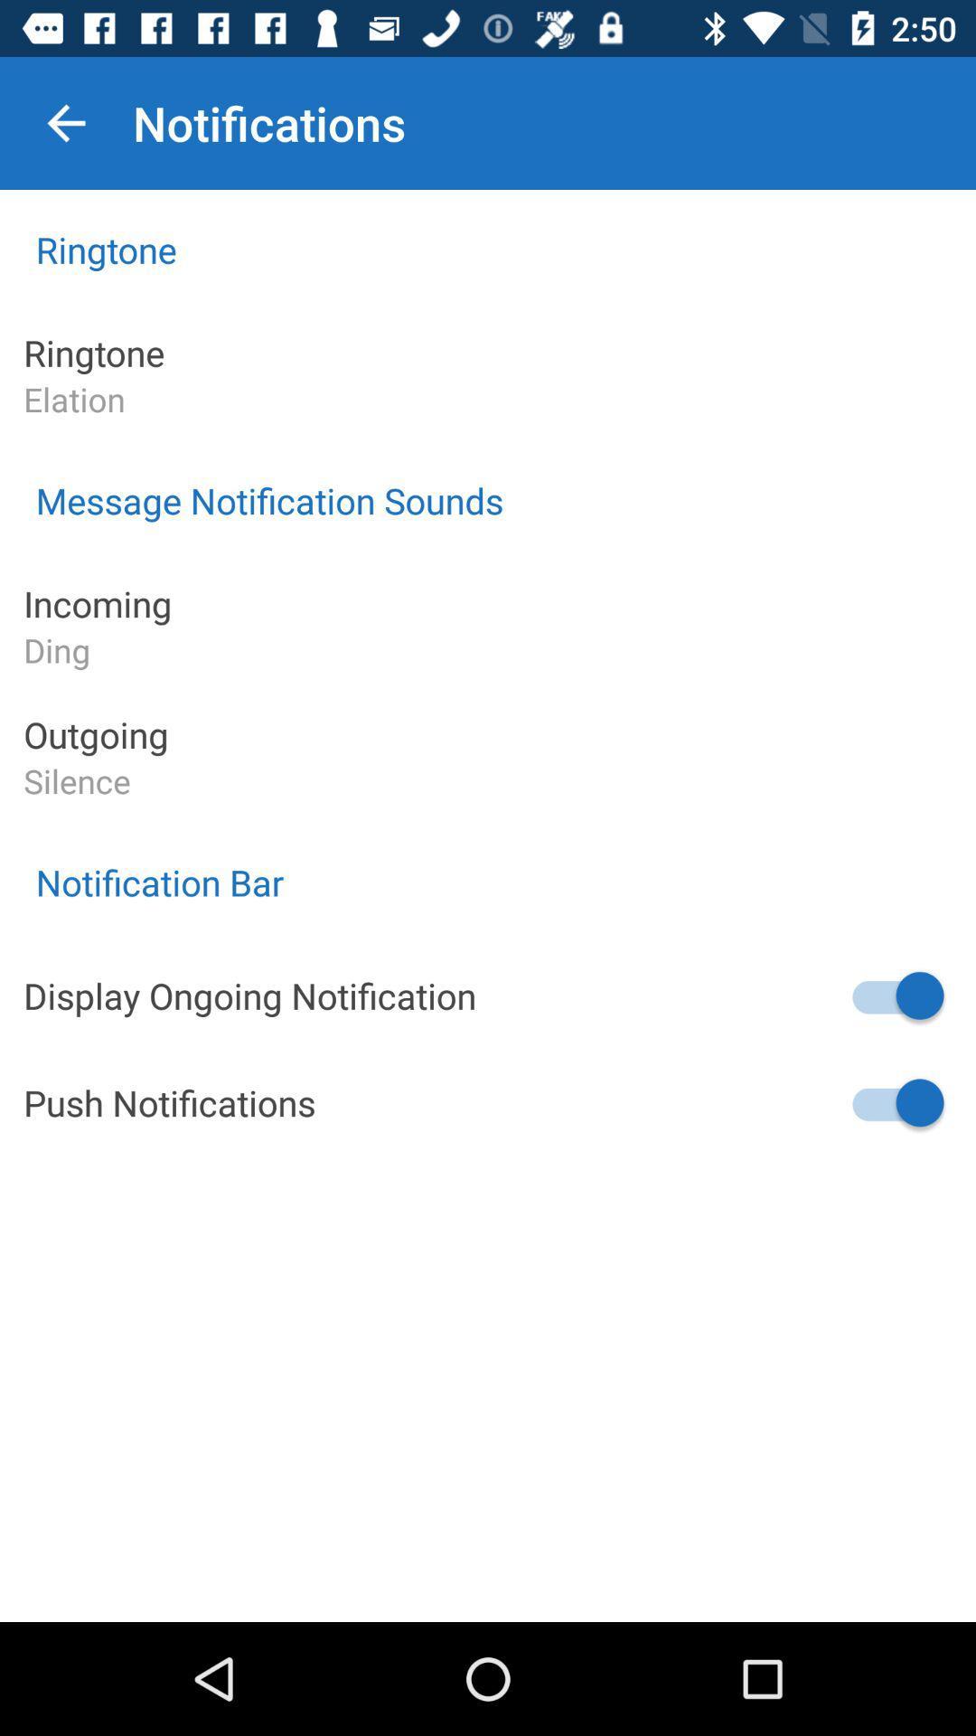 Image resolution: width=976 pixels, height=1736 pixels. Describe the element at coordinates (896, 995) in the screenshot. I see `display ongoing notification` at that location.